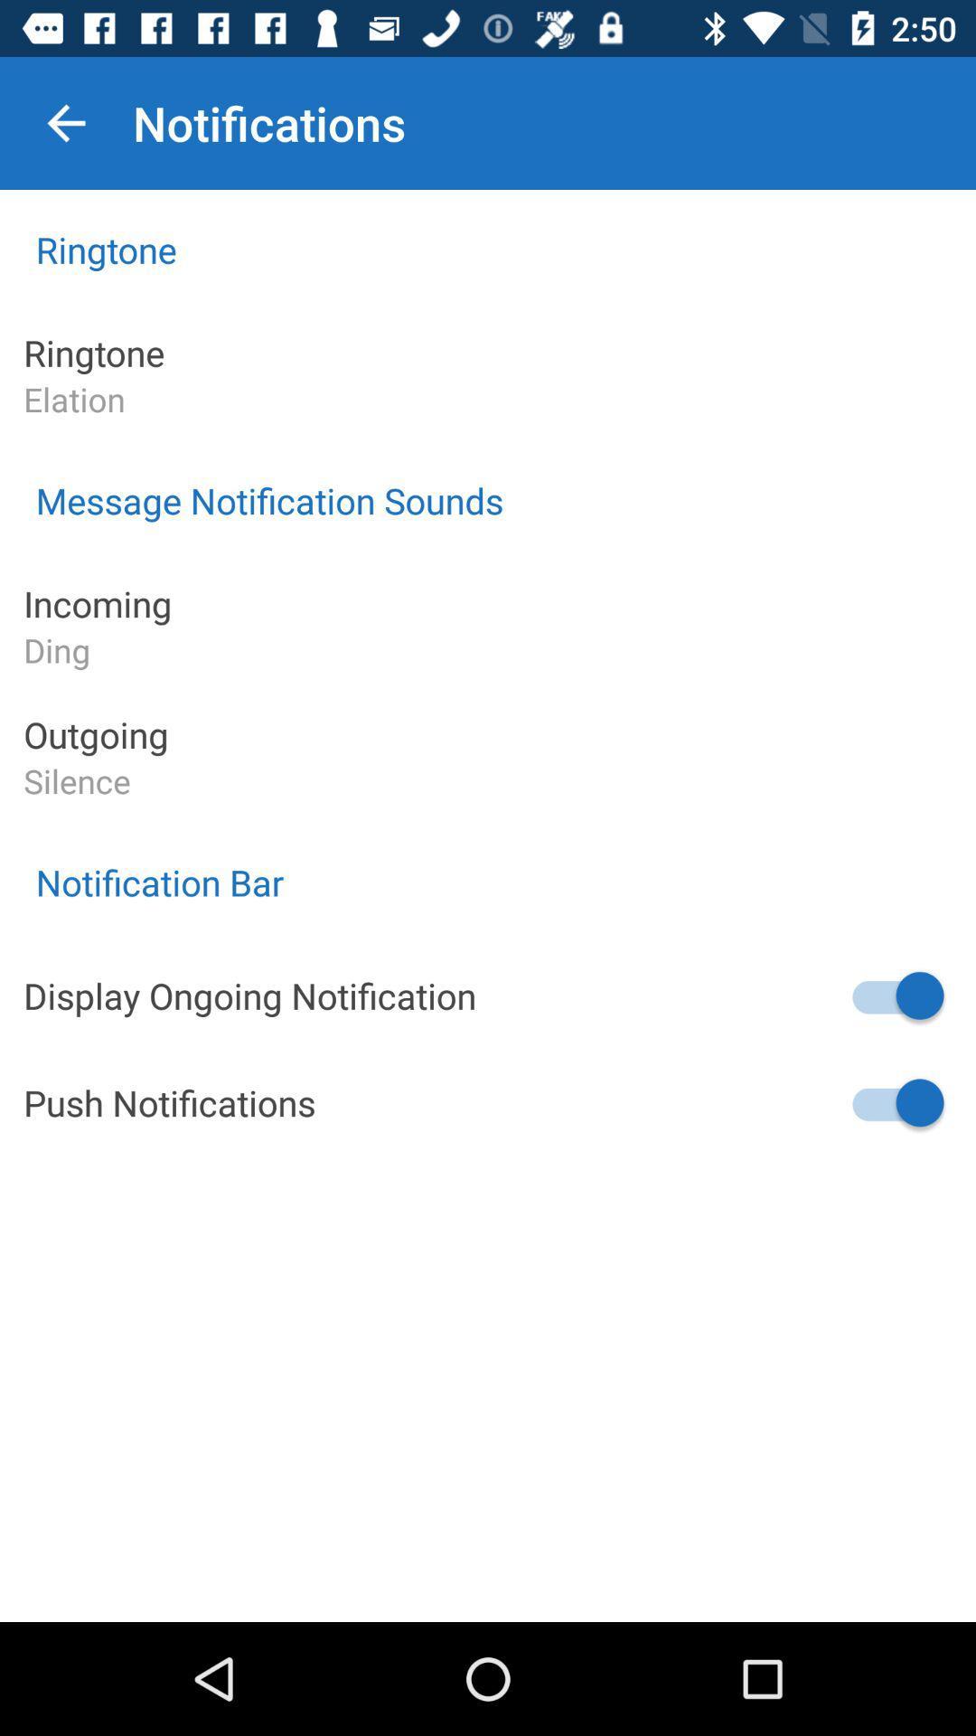 Image resolution: width=976 pixels, height=1736 pixels. Describe the element at coordinates (896, 995) in the screenshot. I see `display ongoing notification` at that location.